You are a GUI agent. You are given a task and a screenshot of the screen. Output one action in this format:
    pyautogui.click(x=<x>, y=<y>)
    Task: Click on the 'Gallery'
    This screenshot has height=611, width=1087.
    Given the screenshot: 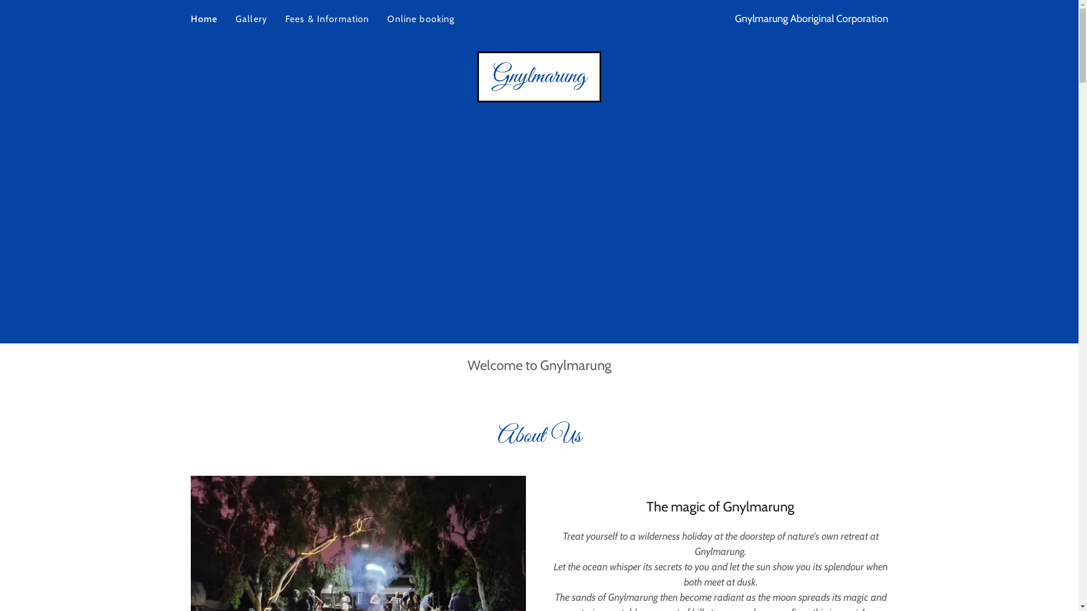 What is the action you would take?
    pyautogui.click(x=251, y=19)
    